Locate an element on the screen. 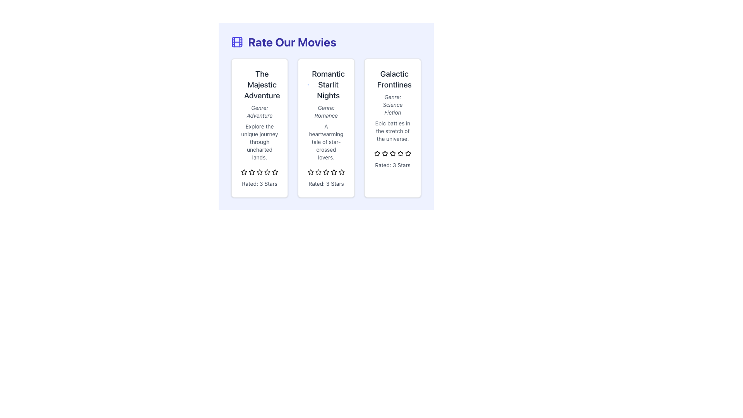  the third yellow star icon in the 'Galactic Frontlines' rating section is located at coordinates (385, 154).